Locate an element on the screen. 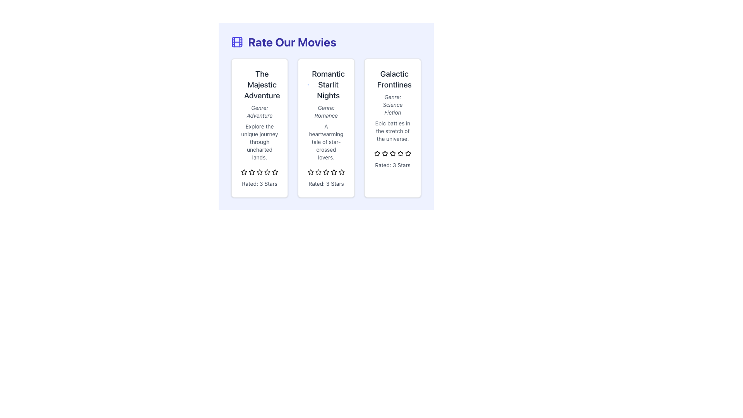  the third yellow star icon in the 'Galactic Frontlines' rating section is located at coordinates (385, 154).